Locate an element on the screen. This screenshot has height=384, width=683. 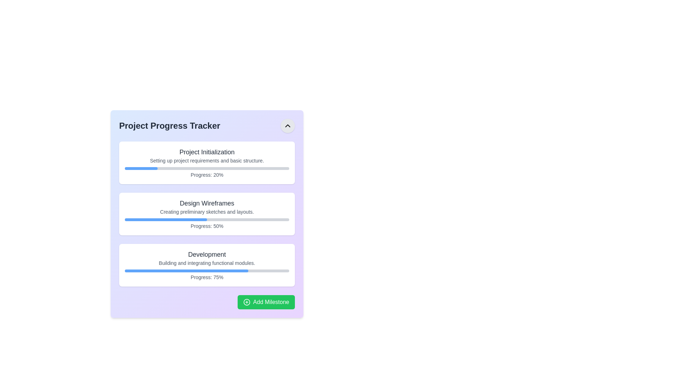
the informational card displaying the 'Design Wireframes' task, which is the second card in the progress tracking list is located at coordinates (206, 213).